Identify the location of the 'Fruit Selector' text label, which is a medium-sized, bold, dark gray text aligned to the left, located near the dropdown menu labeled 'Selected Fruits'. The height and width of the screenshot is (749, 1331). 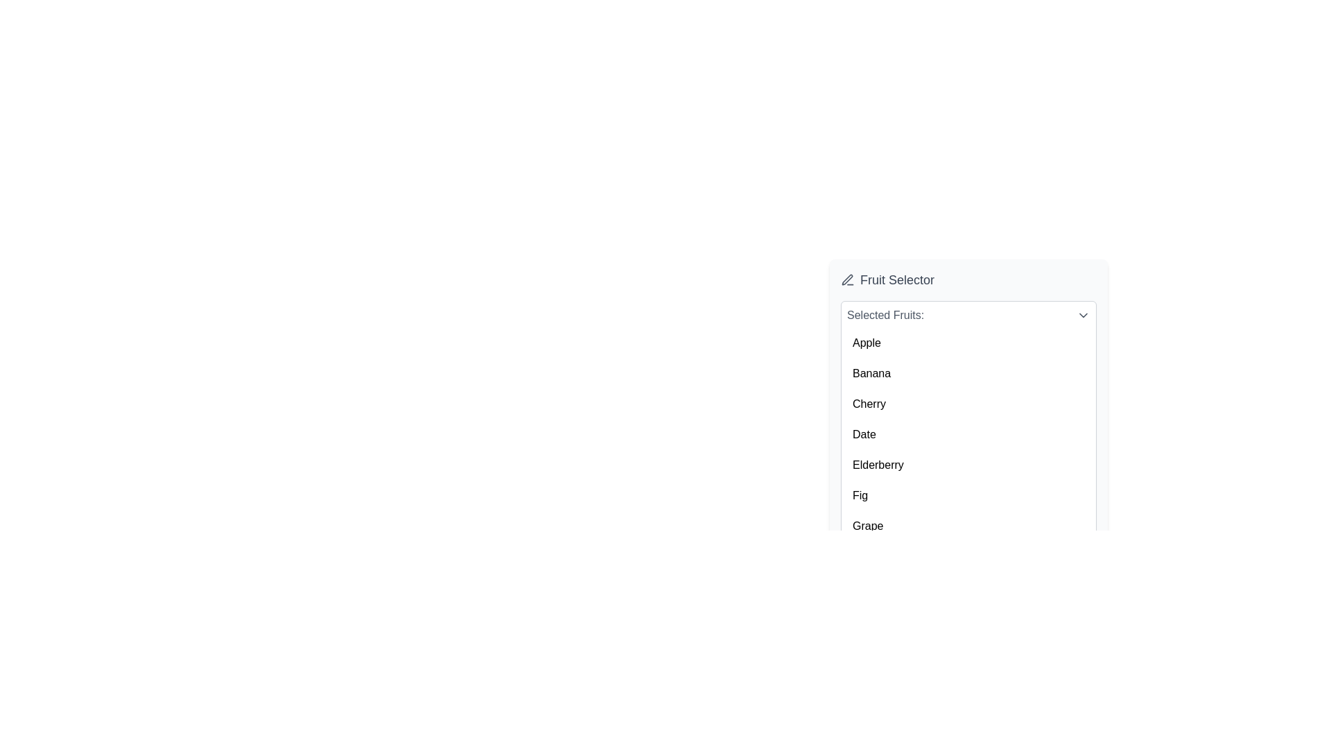
(897, 280).